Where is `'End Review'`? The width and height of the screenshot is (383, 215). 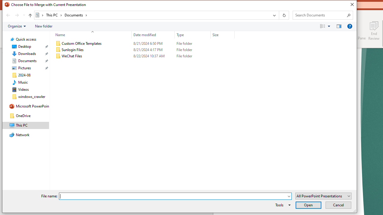
'End Review' is located at coordinates (373, 31).